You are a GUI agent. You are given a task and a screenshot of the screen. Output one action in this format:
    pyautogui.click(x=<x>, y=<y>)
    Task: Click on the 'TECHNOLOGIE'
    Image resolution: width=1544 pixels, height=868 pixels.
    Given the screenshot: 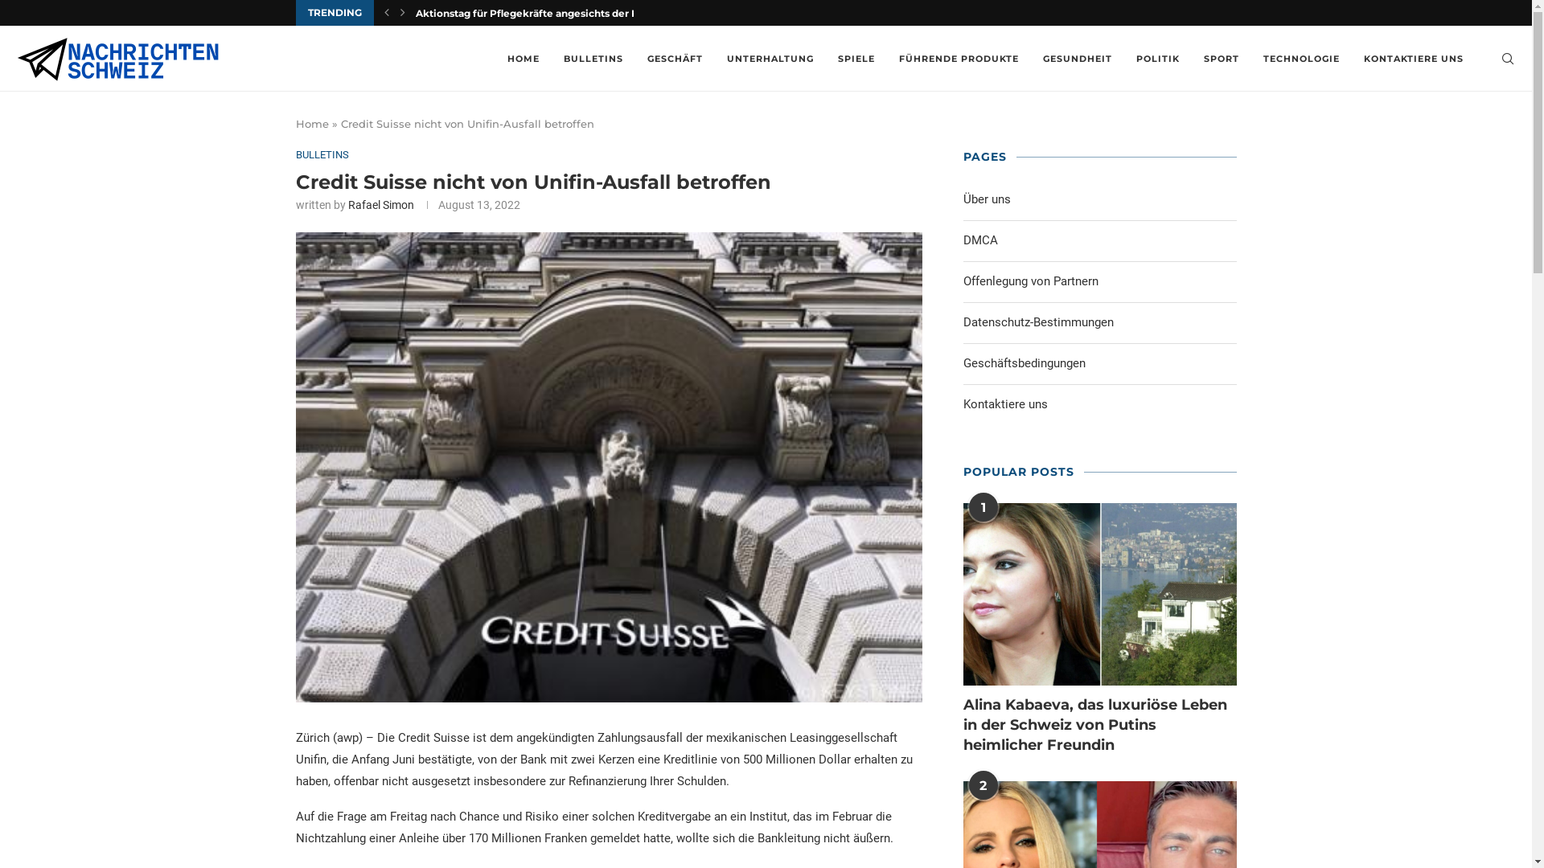 What is the action you would take?
    pyautogui.click(x=1301, y=58)
    